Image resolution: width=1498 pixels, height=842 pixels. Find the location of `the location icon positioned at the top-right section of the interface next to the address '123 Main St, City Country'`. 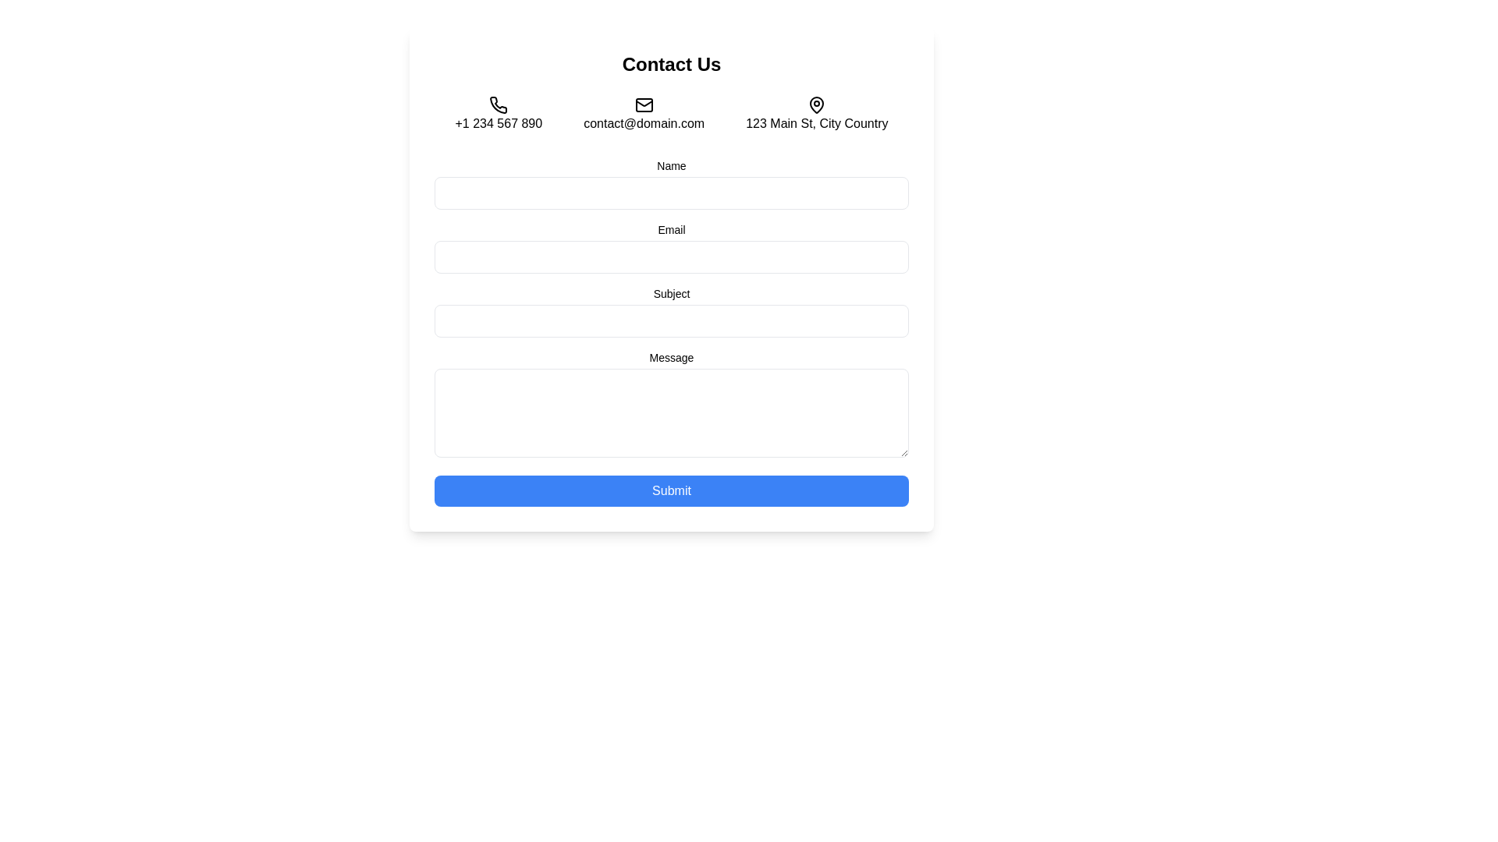

the location icon positioned at the top-right section of the interface next to the address '123 Main St, City Country' is located at coordinates (816, 105).